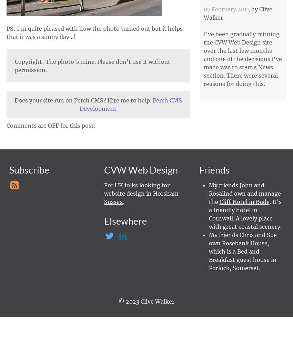 The height and width of the screenshot is (345, 293). Describe the element at coordinates (77, 125) in the screenshot. I see `'for this post.'` at that location.